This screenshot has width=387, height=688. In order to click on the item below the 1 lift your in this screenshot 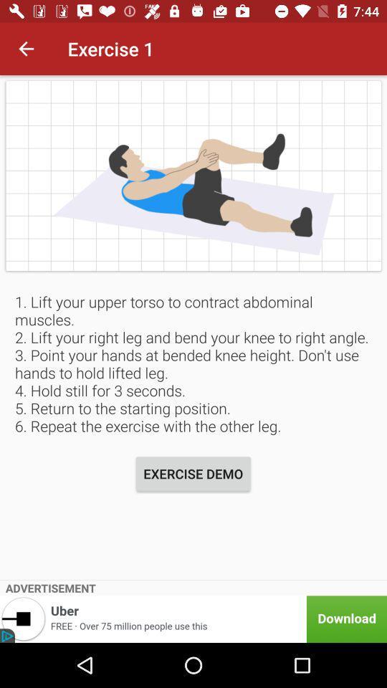, I will do `click(193, 474)`.